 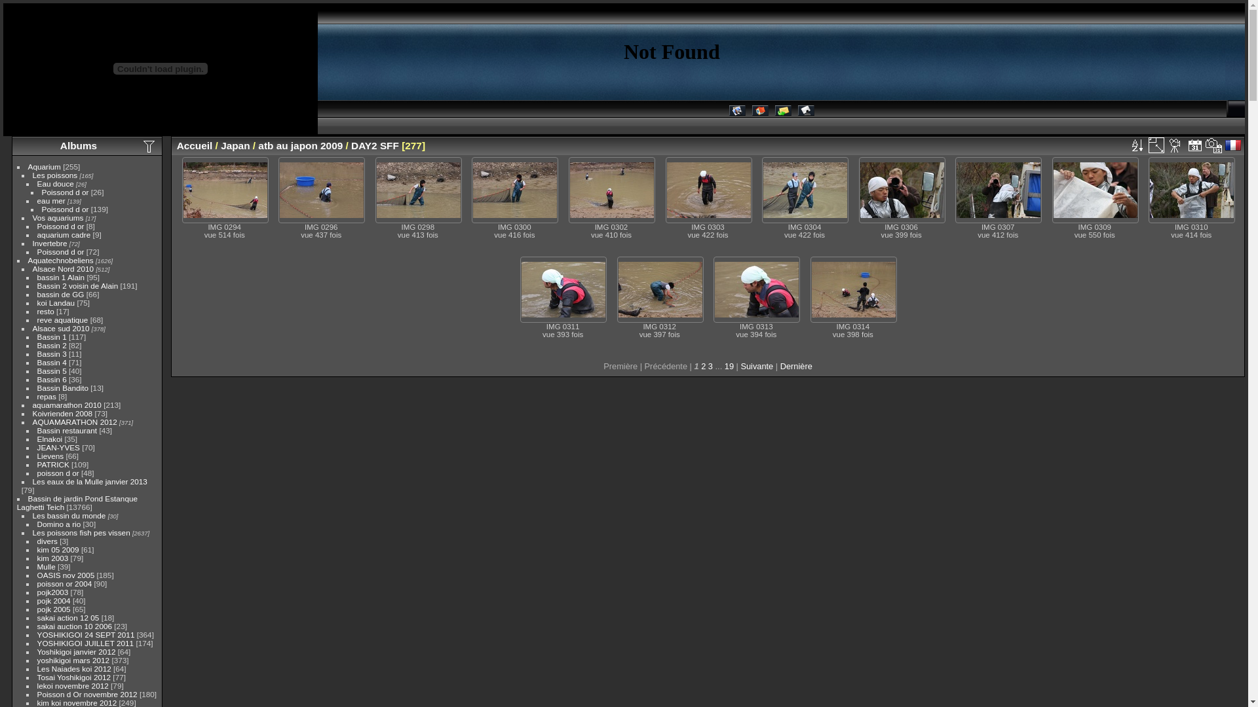 What do you see at coordinates (63, 234) in the screenshot?
I see `'aquarium cadre'` at bounding box center [63, 234].